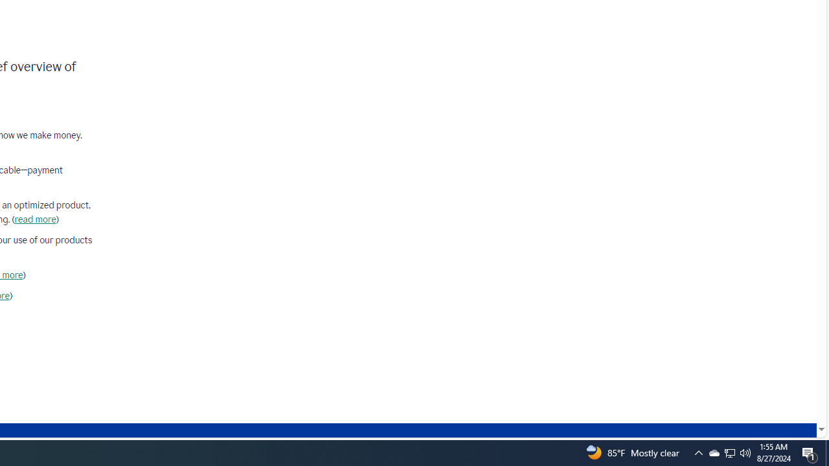  What do you see at coordinates (35, 219) in the screenshot?
I see `'read more'` at bounding box center [35, 219].